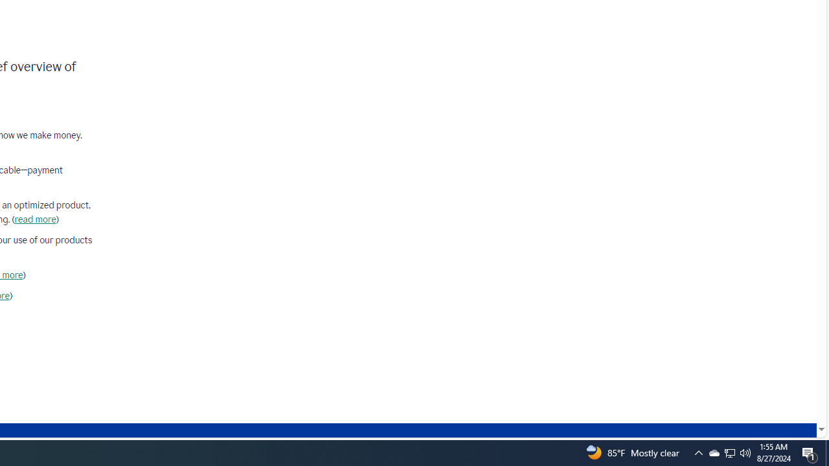  What do you see at coordinates (35, 219) in the screenshot?
I see `'read more'` at bounding box center [35, 219].